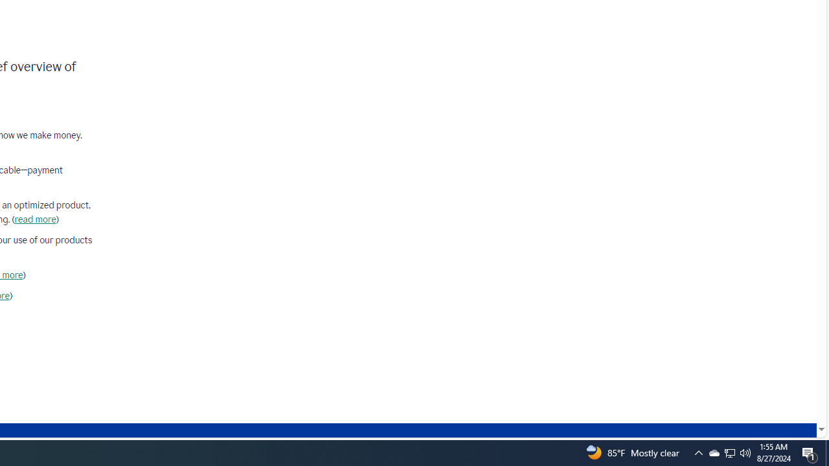  What do you see at coordinates (35, 219) in the screenshot?
I see `'read more'` at bounding box center [35, 219].